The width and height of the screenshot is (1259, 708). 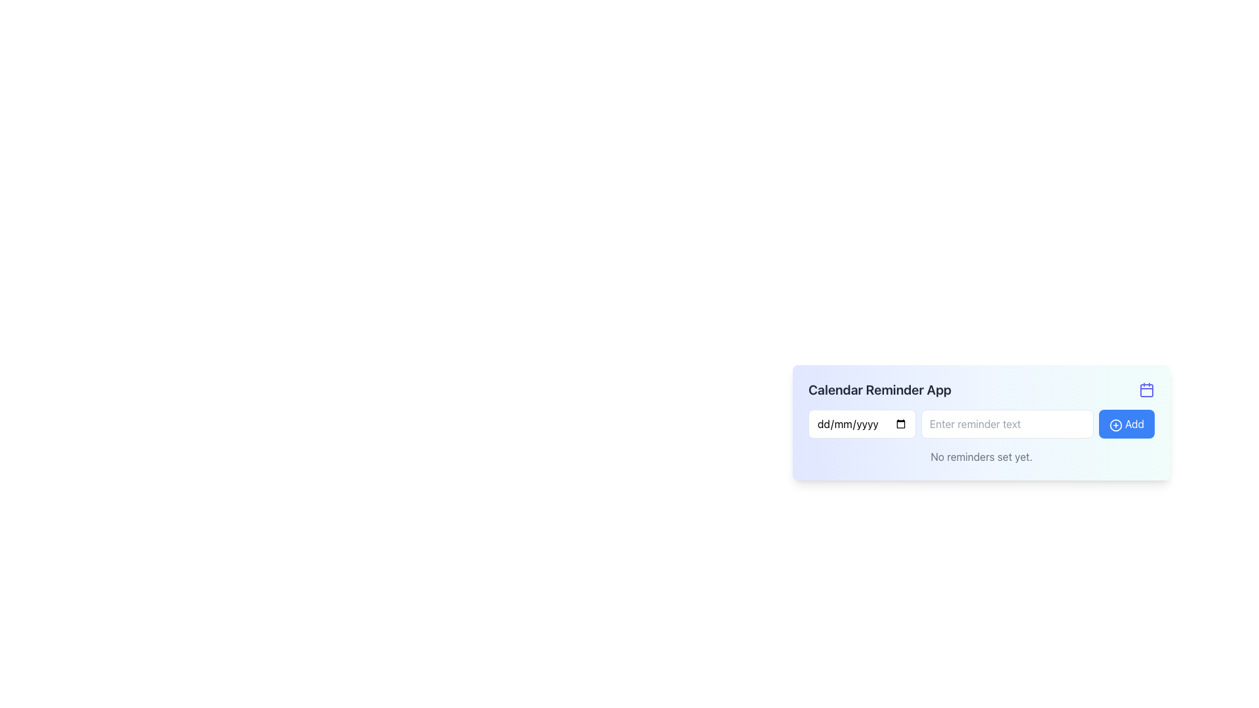 What do you see at coordinates (1115, 425) in the screenshot?
I see `the icon representing the 'add' action, located to the left of the 'Add' text within a blue-colored button on the interface` at bounding box center [1115, 425].